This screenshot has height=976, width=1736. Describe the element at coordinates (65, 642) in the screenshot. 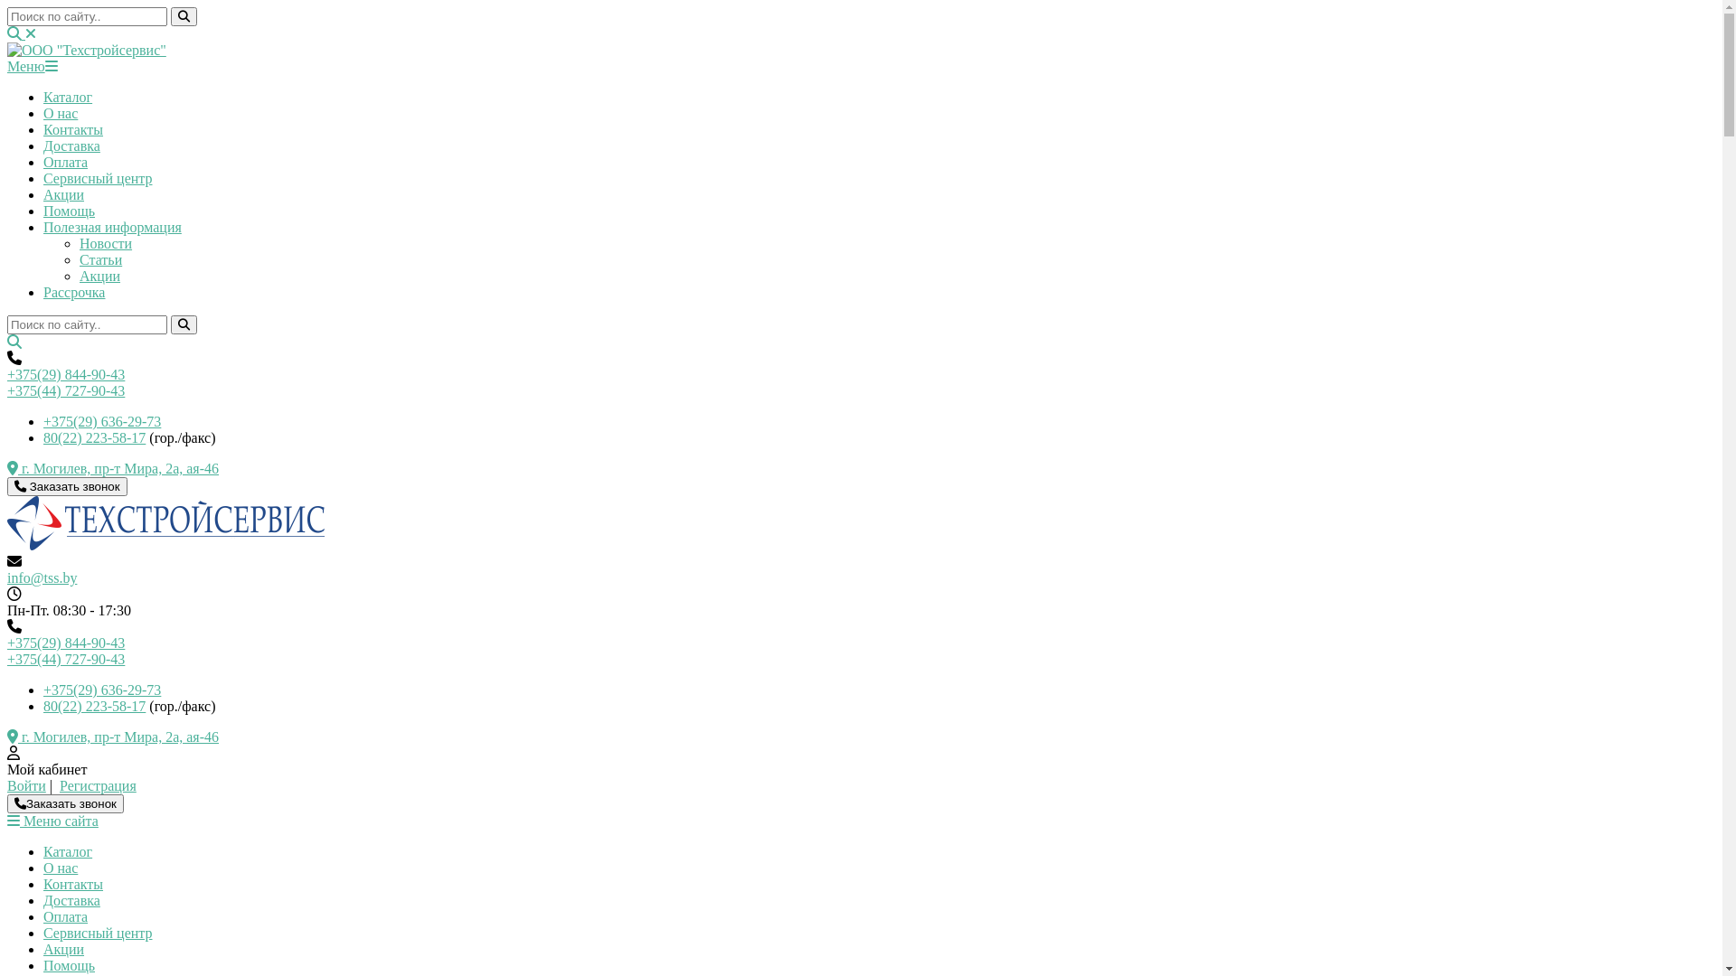

I see `'+375(29) 844-90-43'` at that location.